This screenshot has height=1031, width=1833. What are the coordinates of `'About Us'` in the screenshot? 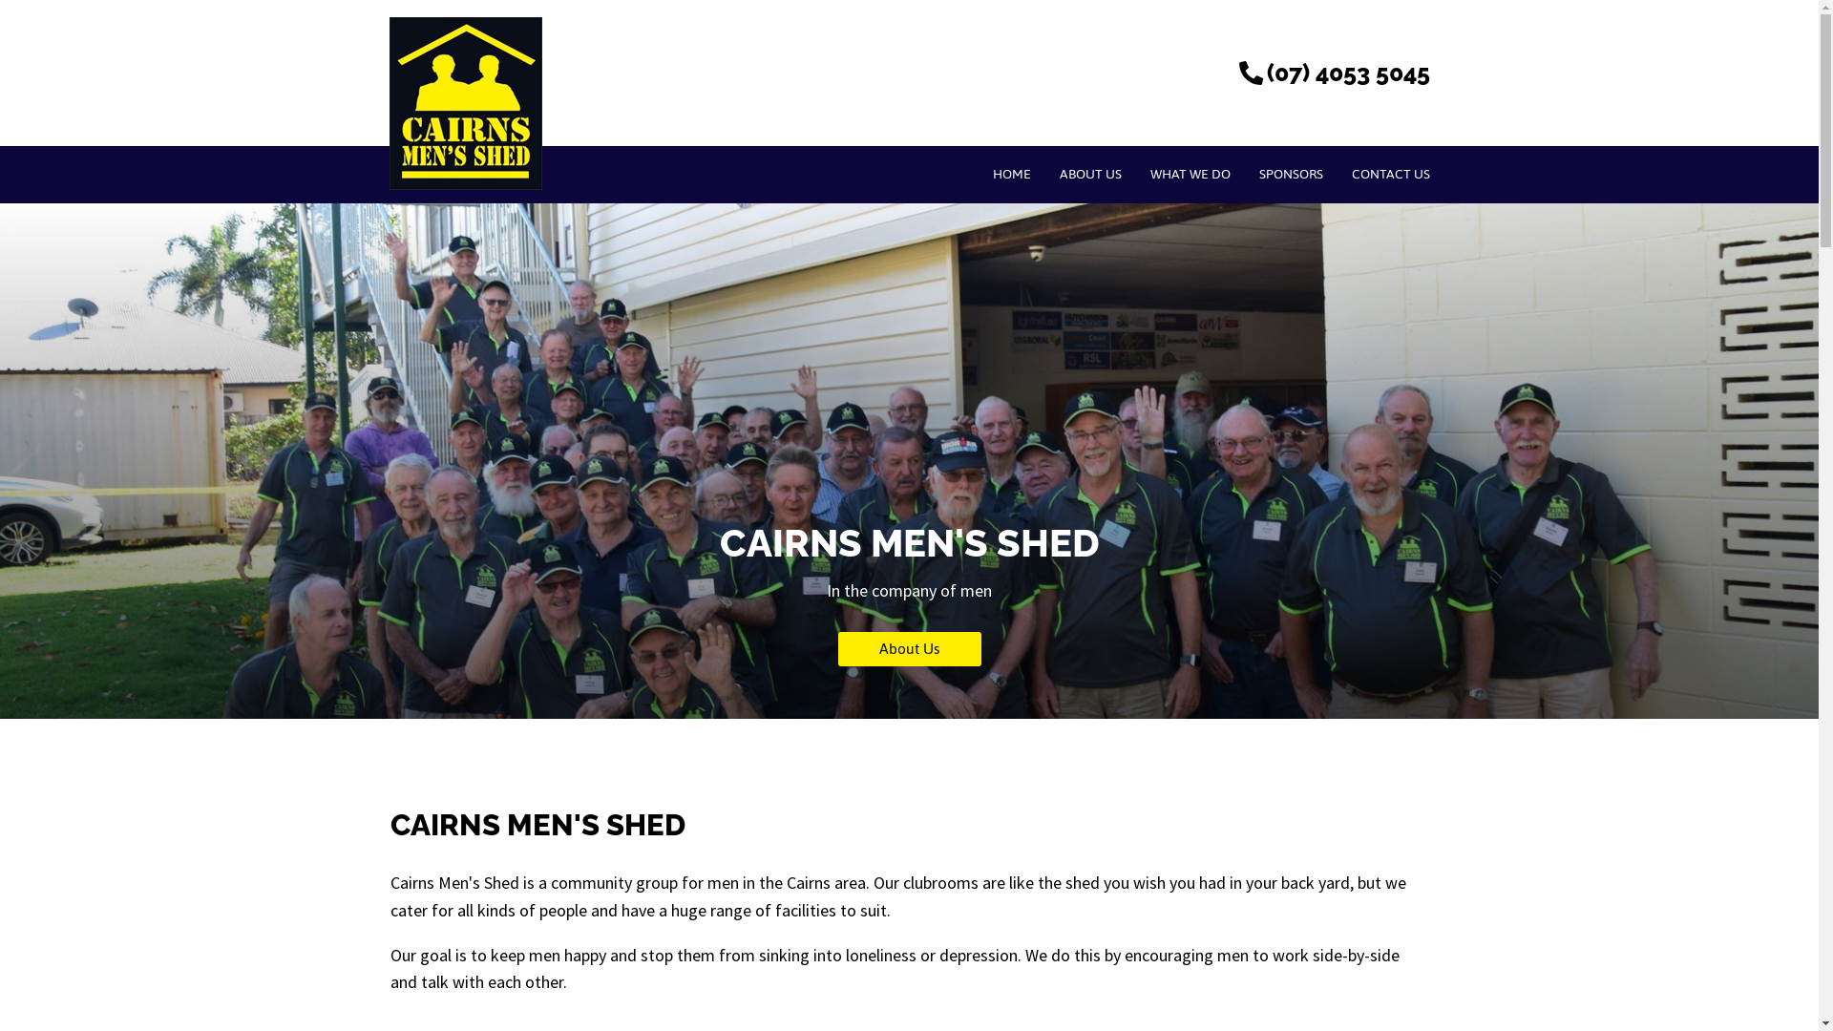 It's located at (909, 647).